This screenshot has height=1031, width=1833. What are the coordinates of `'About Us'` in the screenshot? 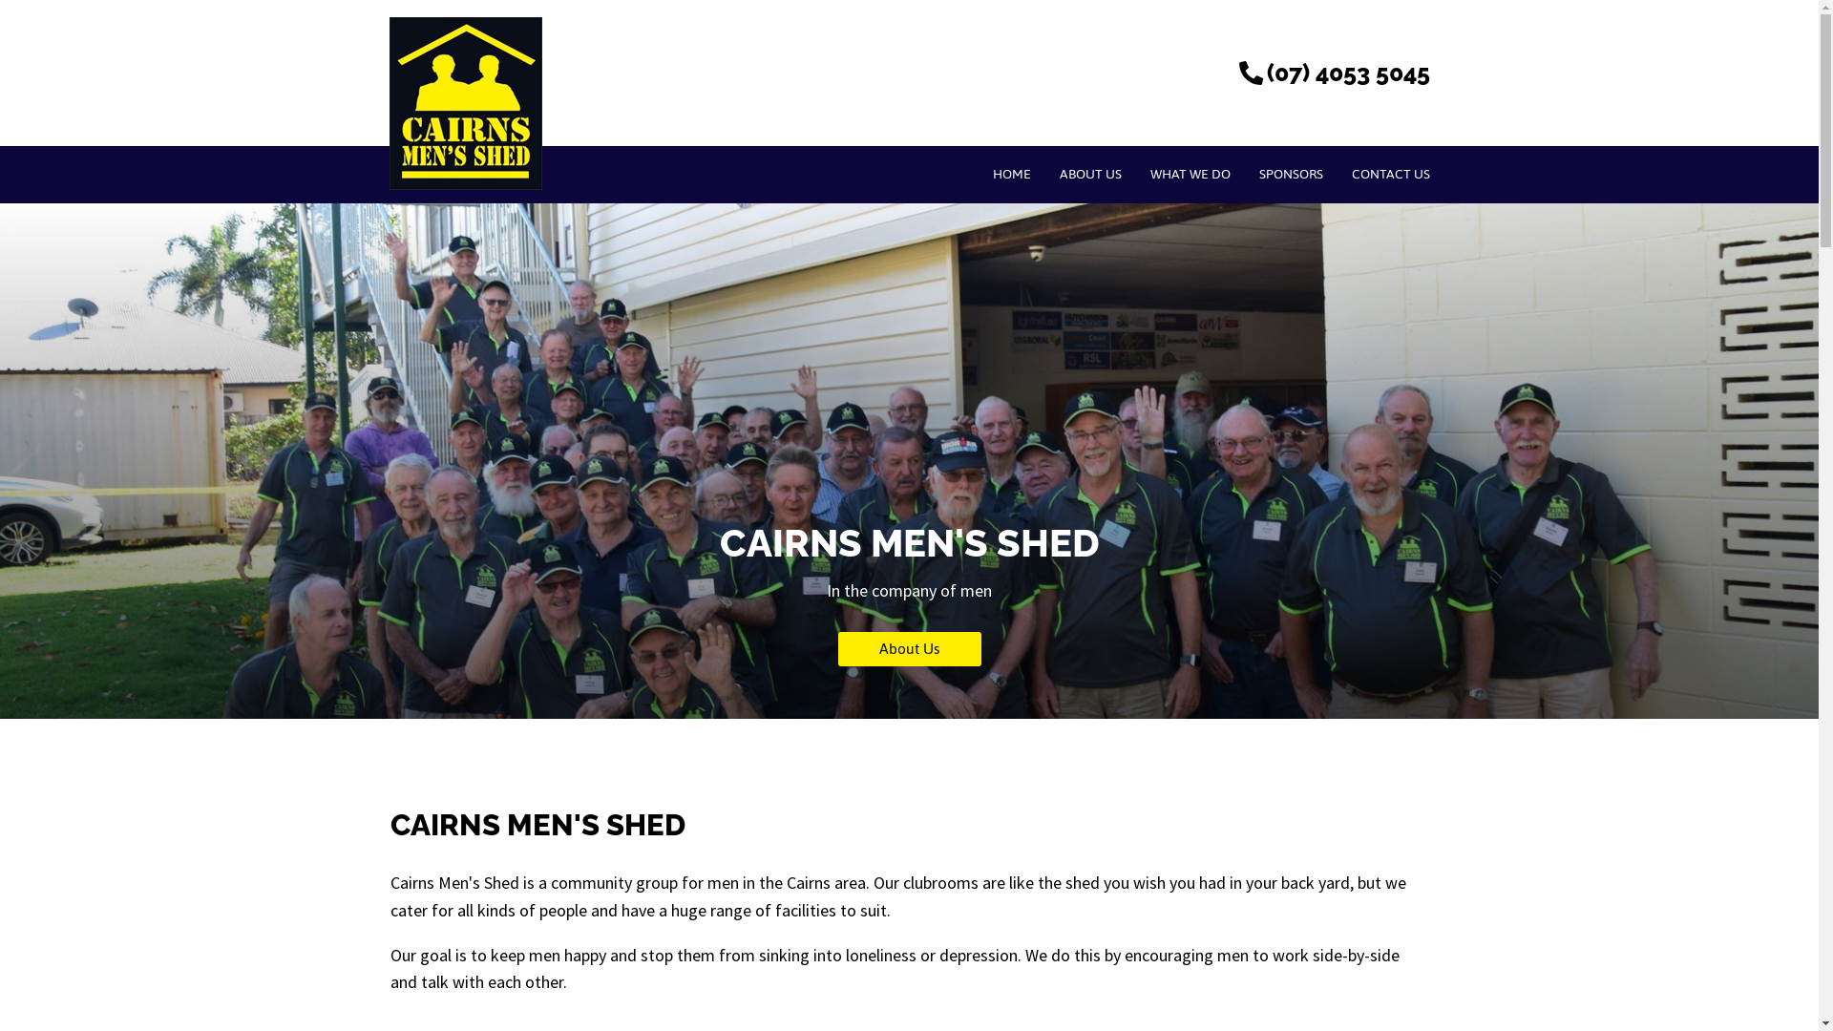 It's located at (909, 647).